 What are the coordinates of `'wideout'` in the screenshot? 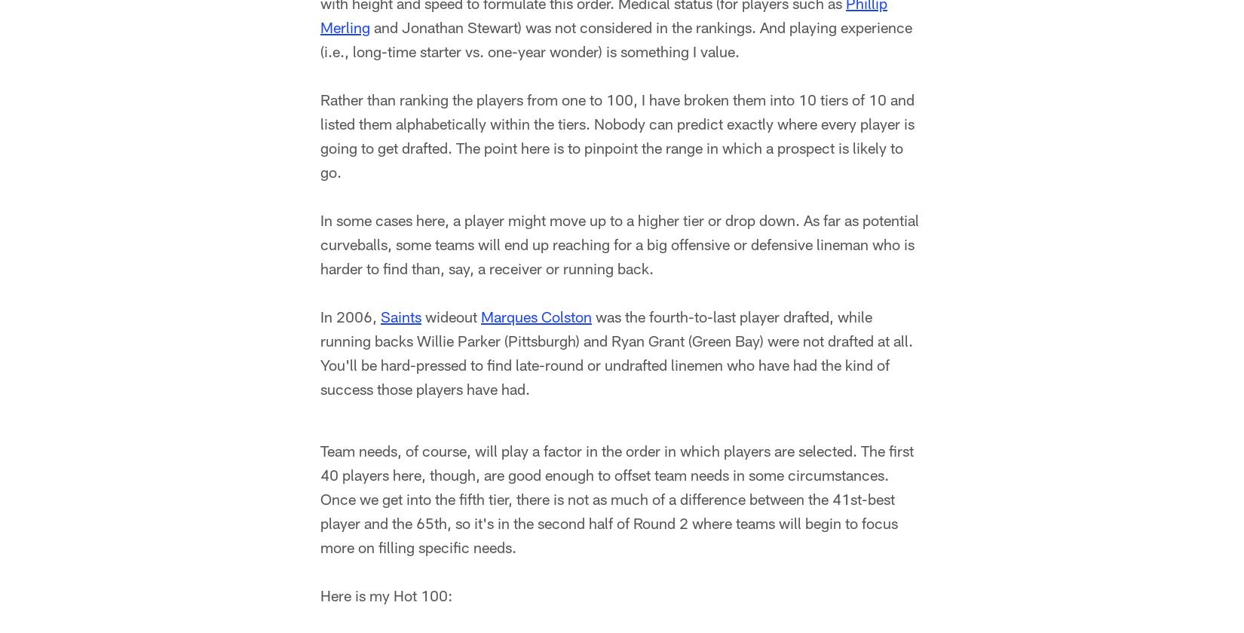 It's located at (450, 320).